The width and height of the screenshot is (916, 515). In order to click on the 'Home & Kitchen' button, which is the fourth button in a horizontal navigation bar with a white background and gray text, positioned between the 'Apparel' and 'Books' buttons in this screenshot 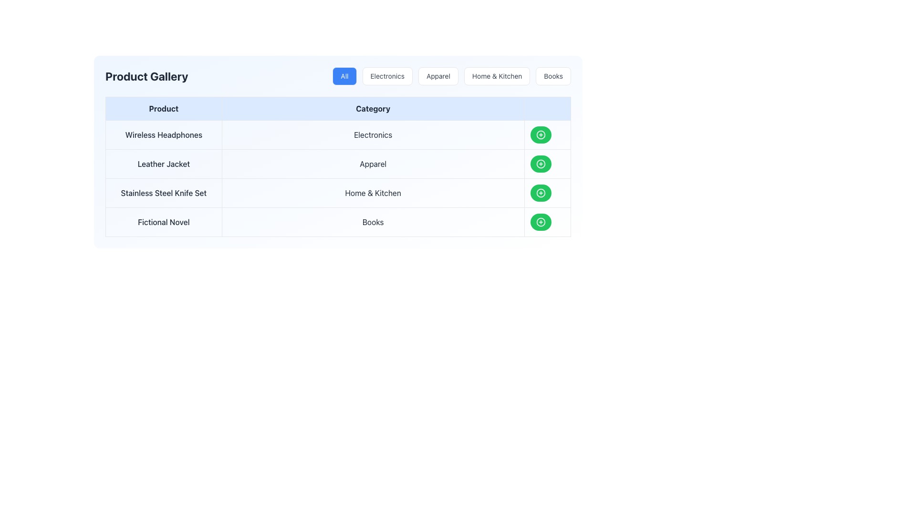, I will do `click(497, 75)`.